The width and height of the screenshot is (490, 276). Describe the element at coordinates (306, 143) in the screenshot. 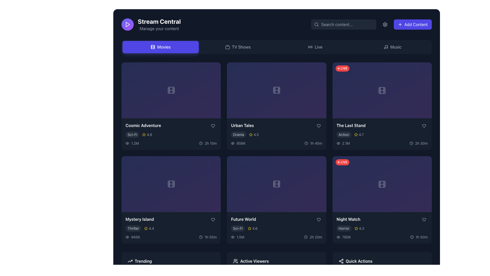

I see `the small clock icon representing time, located to the left of the duration text '1h 45m' in the bottom section of the card for the movie 'Urban Tales.'` at that location.